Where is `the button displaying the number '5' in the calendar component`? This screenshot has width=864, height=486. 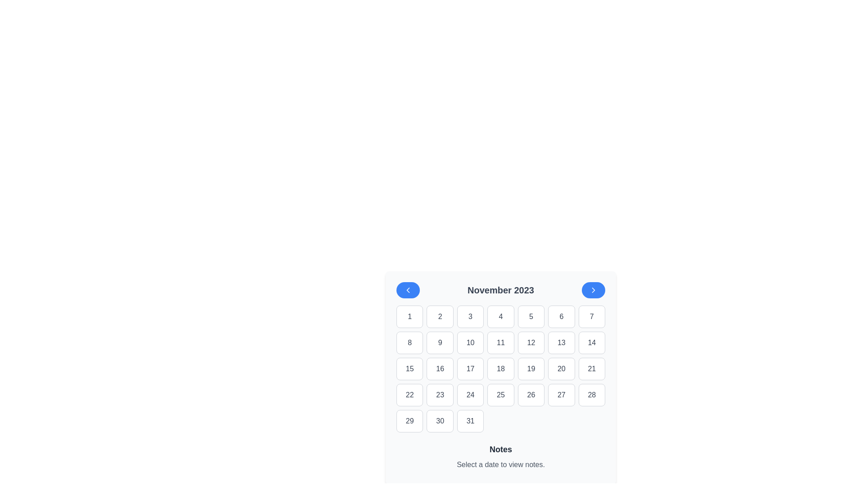
the button displaying the number '5' in the calendar component is located at coordinates (531, 316).